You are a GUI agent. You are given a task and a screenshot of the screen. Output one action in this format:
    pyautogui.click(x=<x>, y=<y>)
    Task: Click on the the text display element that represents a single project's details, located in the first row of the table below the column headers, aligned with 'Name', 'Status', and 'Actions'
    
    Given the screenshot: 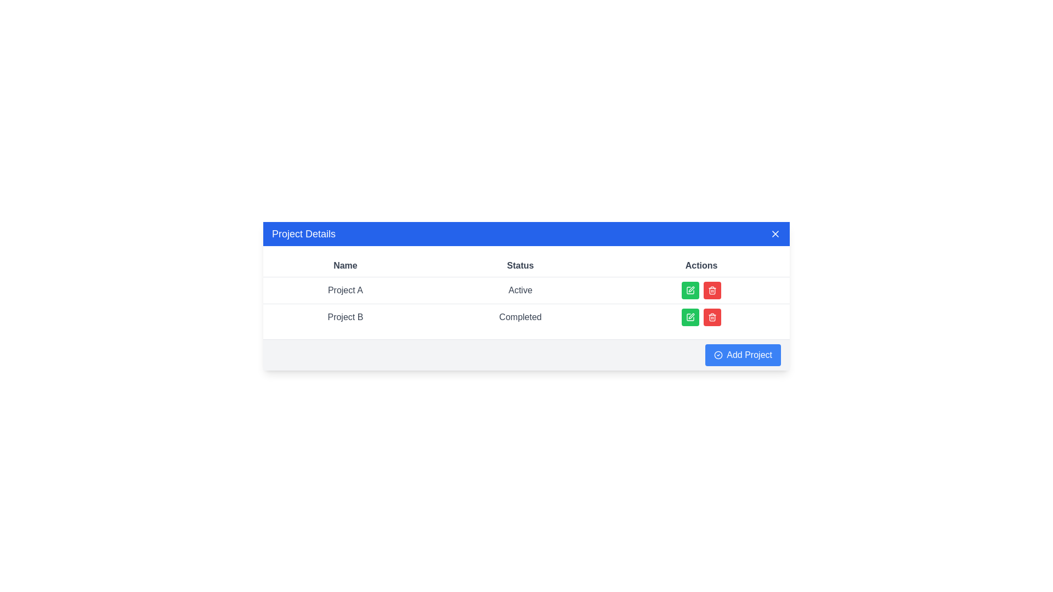 What is the action you would take?
    pyautogui.click(x=526, y=289)
    